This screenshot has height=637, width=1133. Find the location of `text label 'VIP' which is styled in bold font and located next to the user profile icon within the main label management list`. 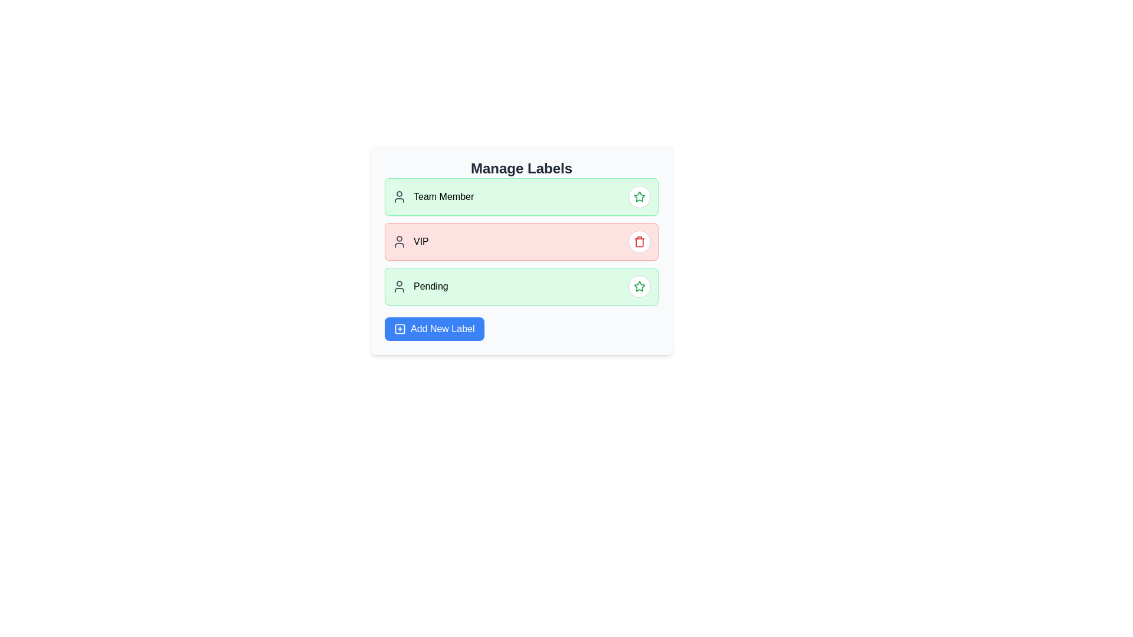

text label 'VIP' which is styled in bold font and located next to the user profile icon within the main label management list is located at coordinates (410, 241).